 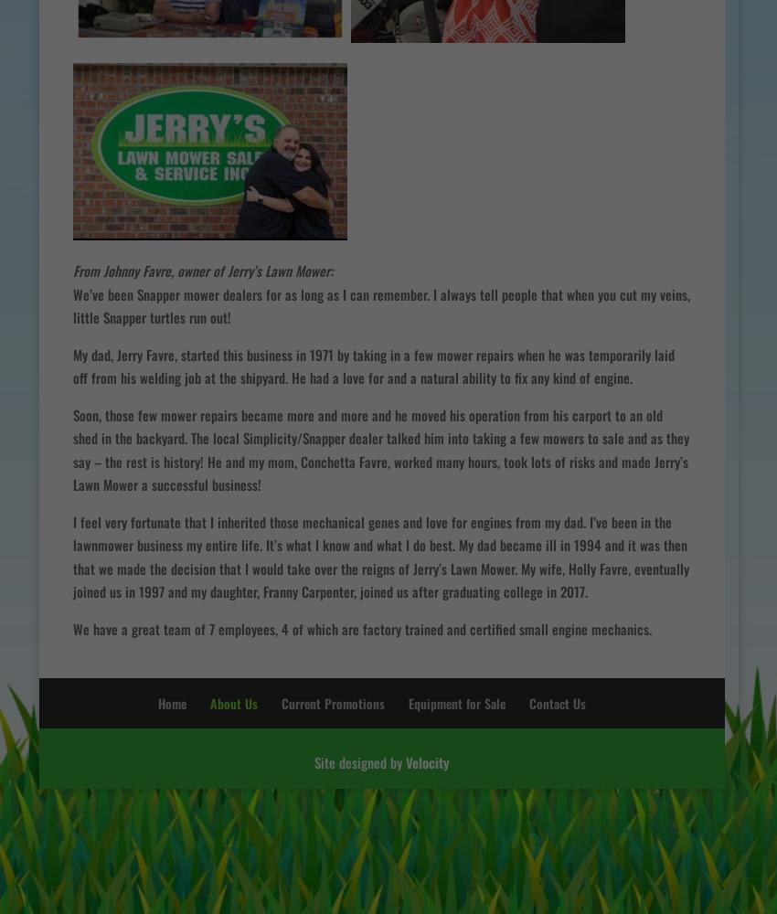 What do you see at coordinates (359, 761) in the screenshot?
I see `'Site designed by'` at bounding box center [359, 761].